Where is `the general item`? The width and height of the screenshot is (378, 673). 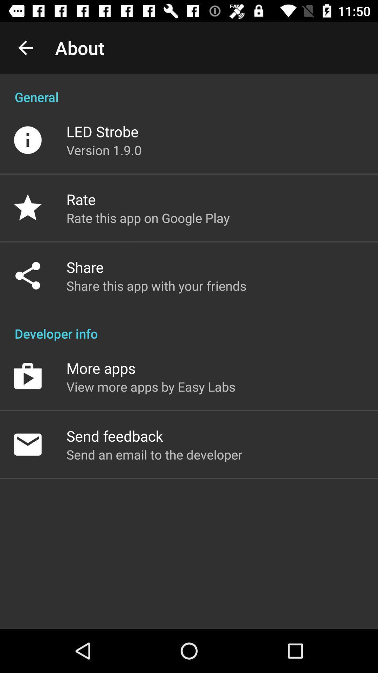 the general item is located at coordinates (189, 89).